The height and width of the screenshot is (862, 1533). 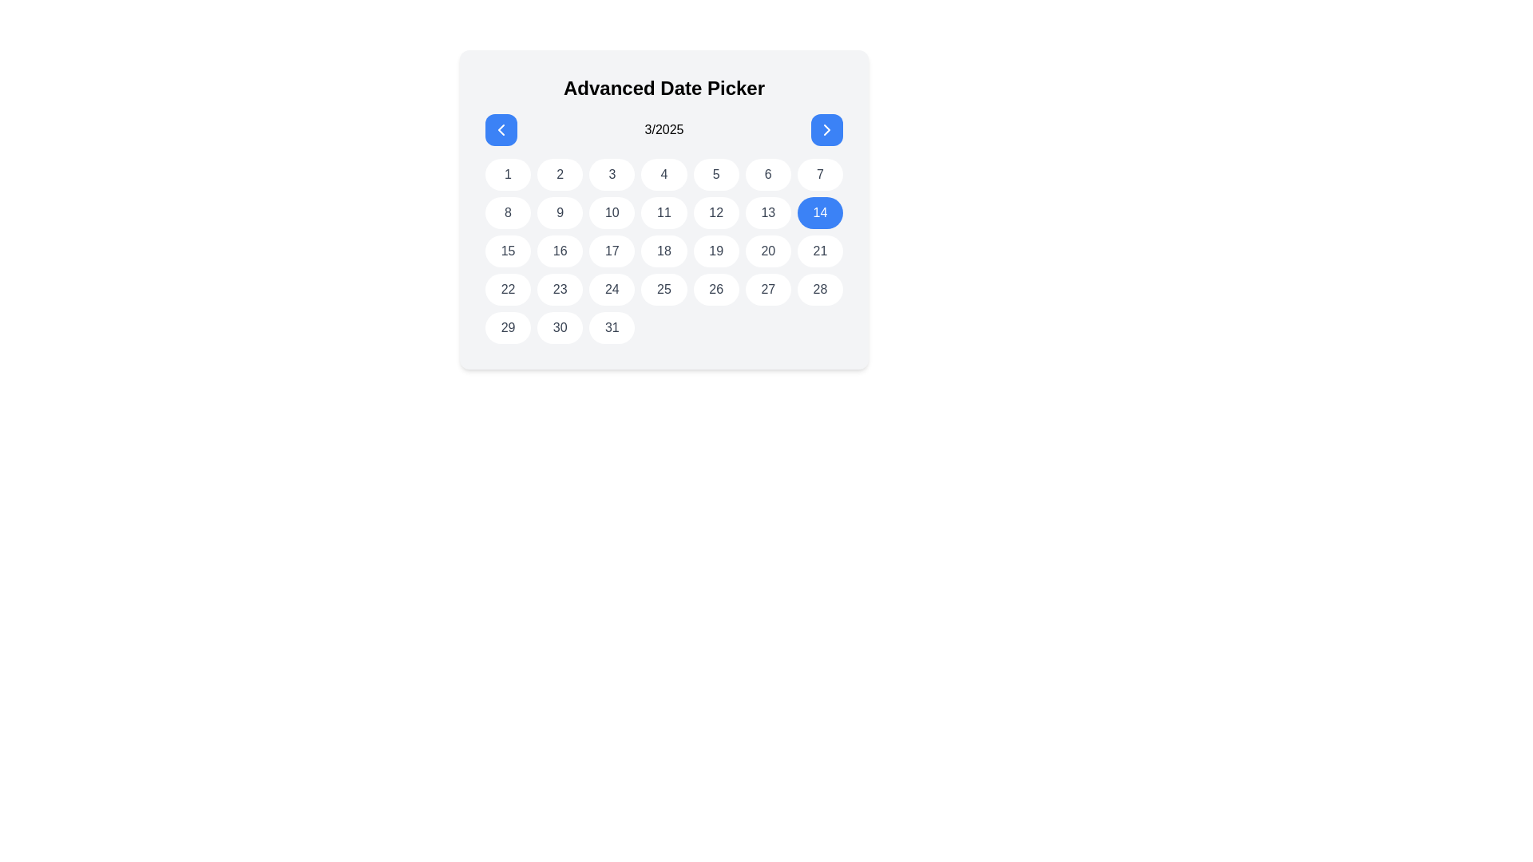 What do you see at coordinates (501, 129) in the screenshot?
I see `the left navigation arrow within the blue circular button in the date picker interface to change months` at bounding box center [501, 129].